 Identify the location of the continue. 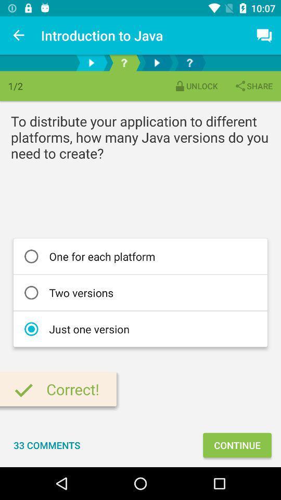
(237, 444).